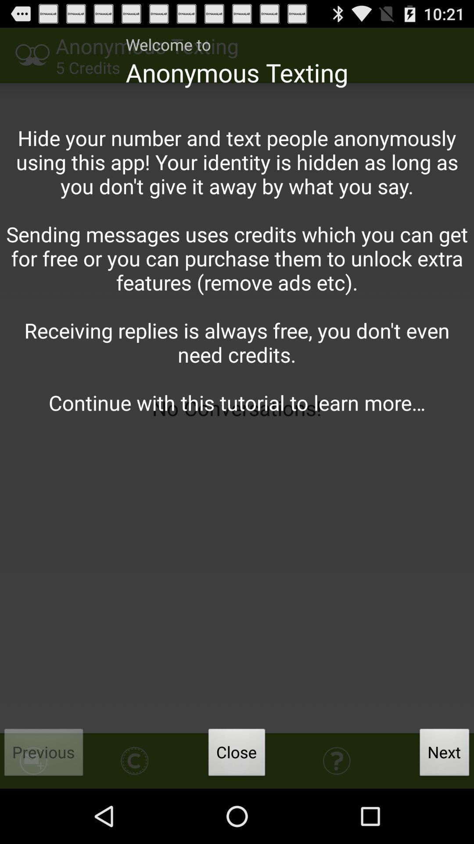 This screenshot has width=474, height=844. I want to click on the button next to close item, so click(445, 754).